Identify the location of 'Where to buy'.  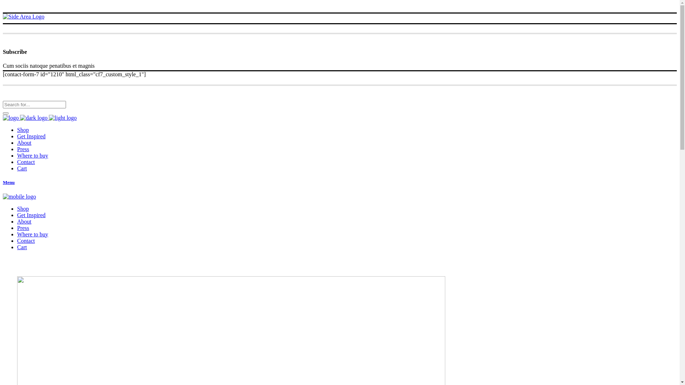
(32, 234).